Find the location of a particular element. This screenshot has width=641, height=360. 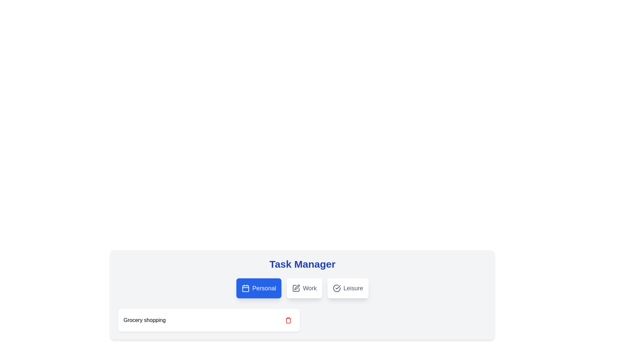

the delete icon located at the far right of the white card under the 'Task Manager' header, next to 'Grocery shopping' is located at coordinates (288, 320).